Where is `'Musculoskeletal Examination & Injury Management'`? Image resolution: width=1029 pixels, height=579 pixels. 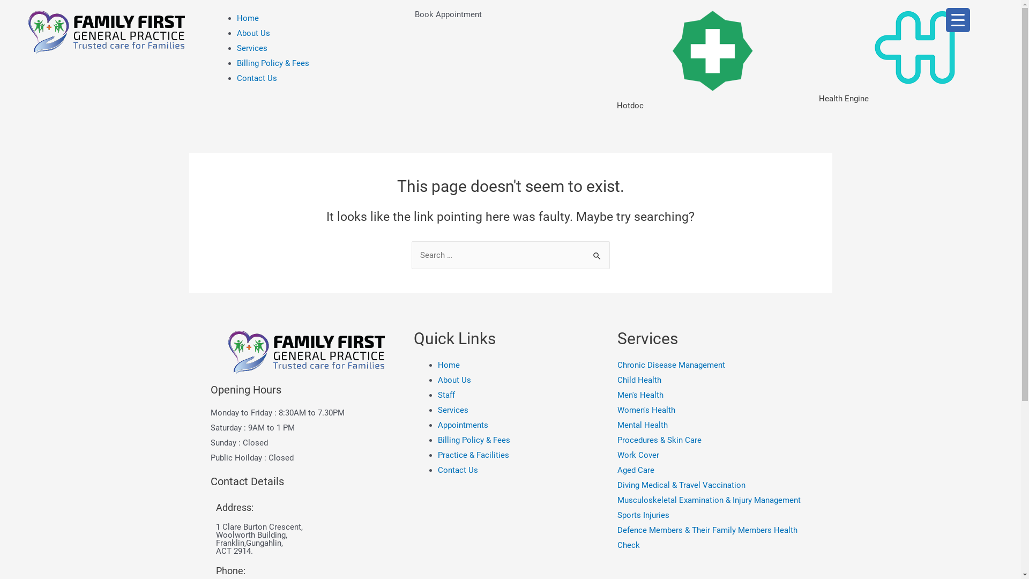
'Musculoskeletal Examination & Injury Management' is located at coordinates (713, 500).